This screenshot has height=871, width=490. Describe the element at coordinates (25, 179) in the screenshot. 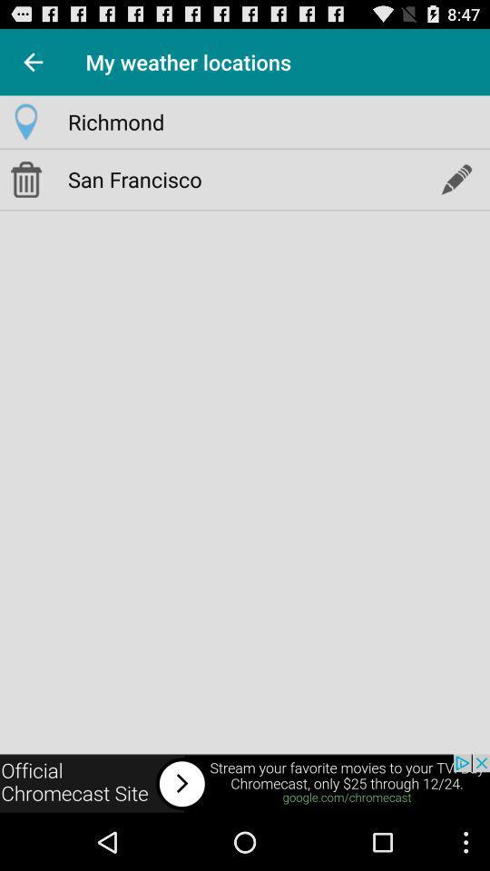

I see `to click delete option and remove particular item` at that location.